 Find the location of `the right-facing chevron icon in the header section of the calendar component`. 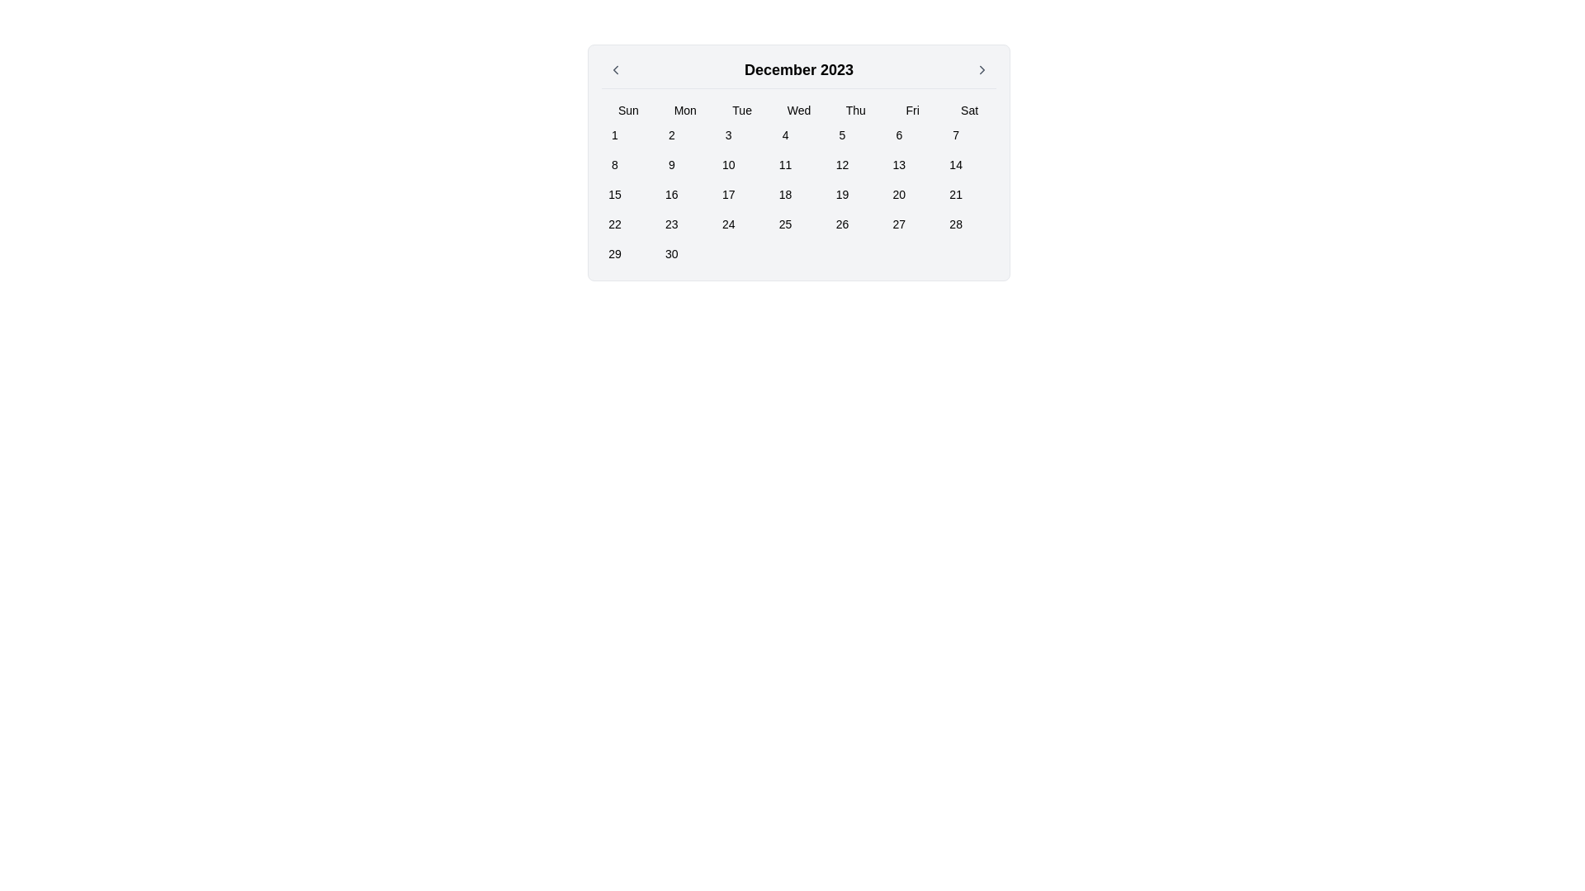

the right-facing chevron icon in the header section of the calendar component is located at coordinates (982, 68).